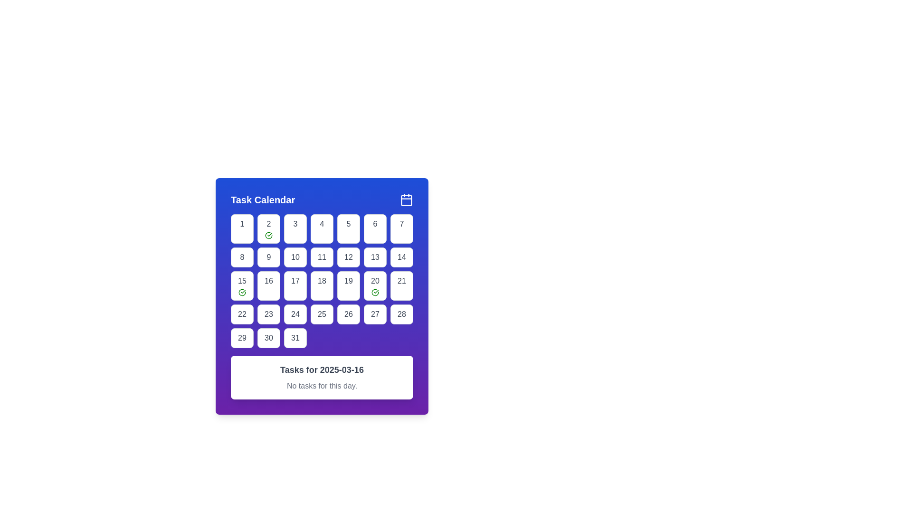 Image resolution: width=912 pixels, height=513 pixels. Describe the element at coordinates (348, 257) in the screenshot. I see `the button labeled '12' in the calendar UI` at that location.